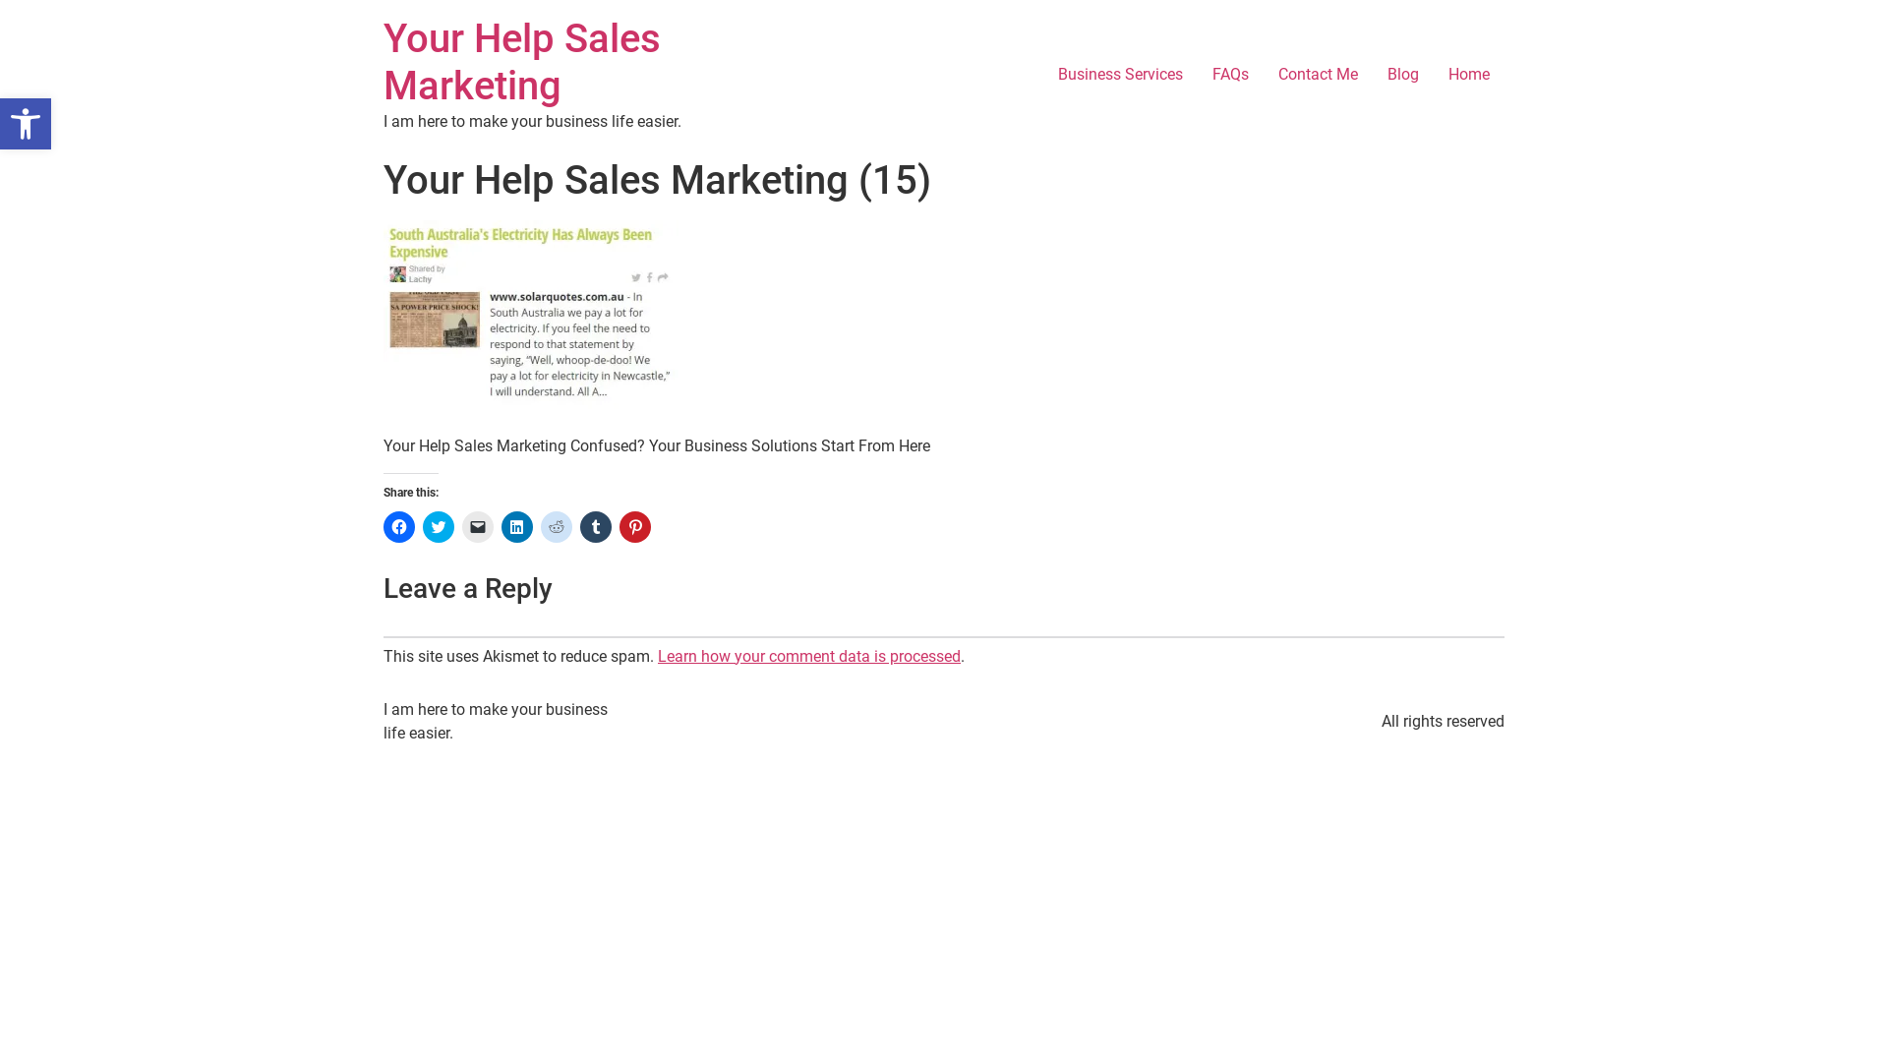 This screenshot has height=1062, width=1888. I want to click on 'Blog', so click(1401, 74).